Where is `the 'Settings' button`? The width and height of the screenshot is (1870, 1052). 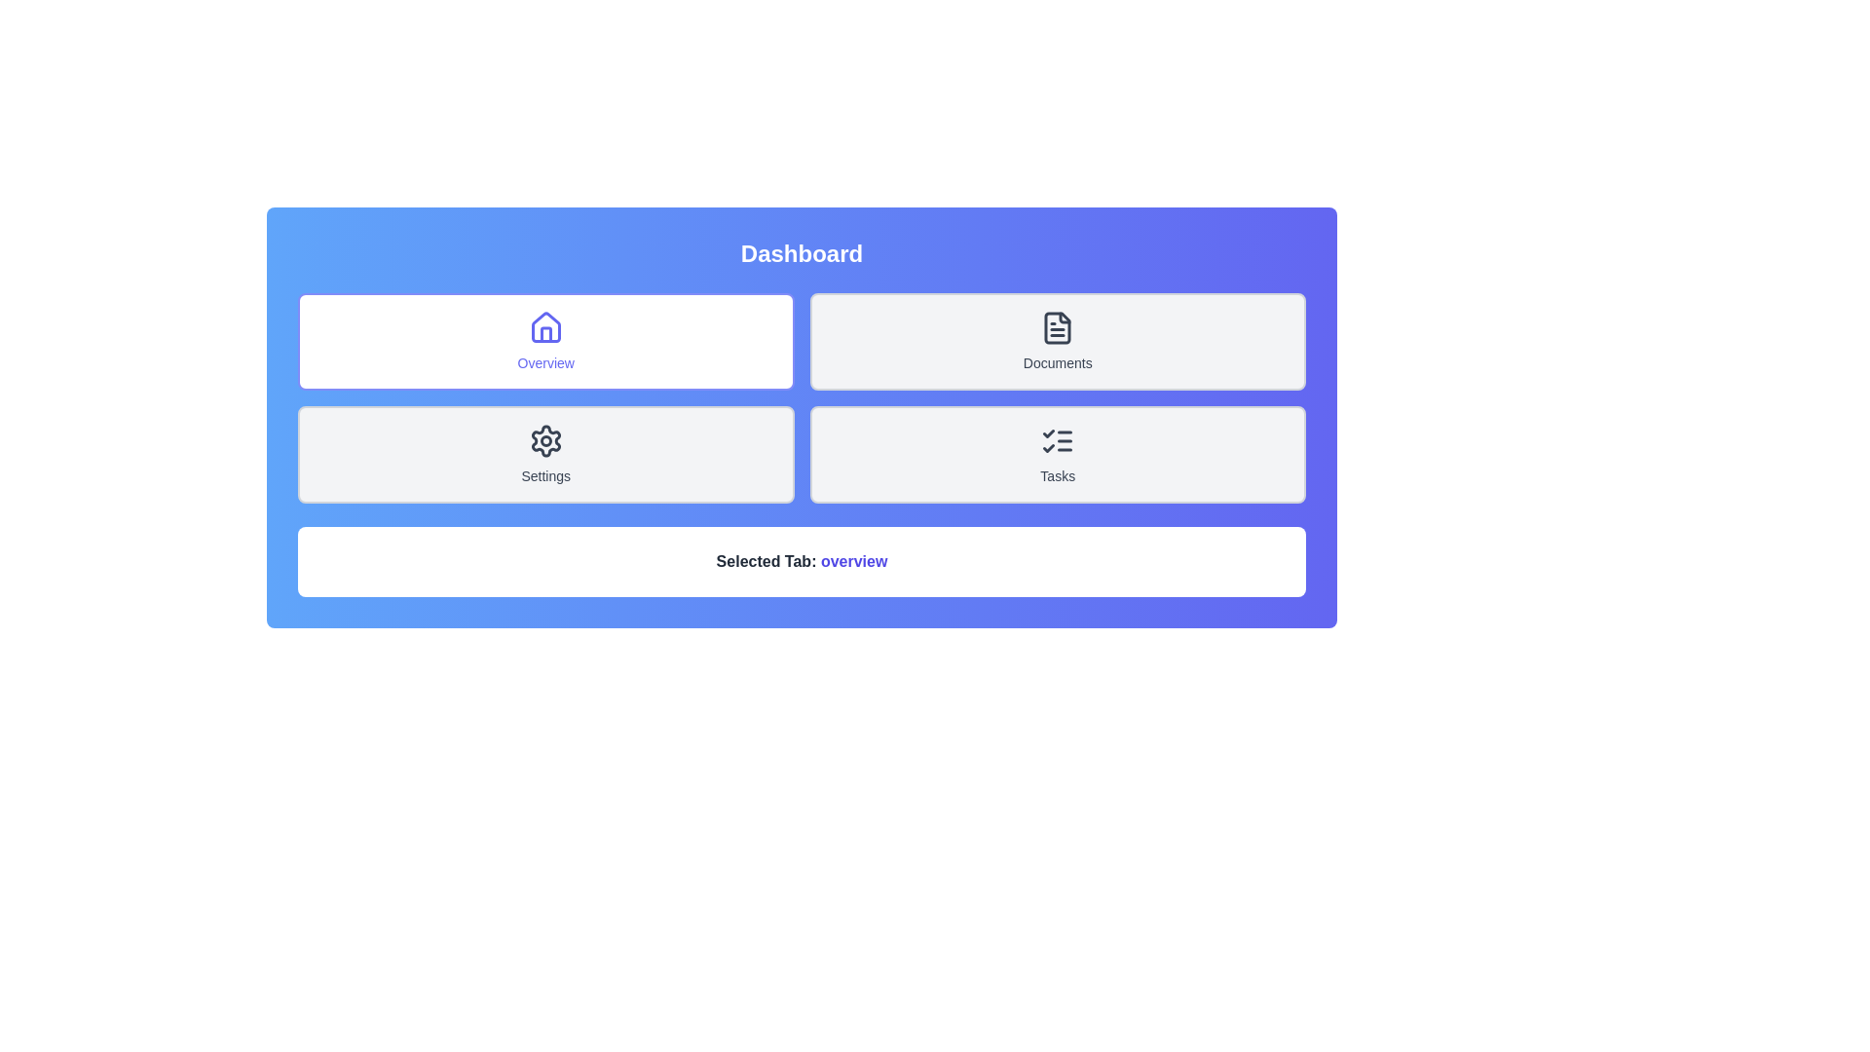 the 'Settings' button is located at coordinates (545, 454).